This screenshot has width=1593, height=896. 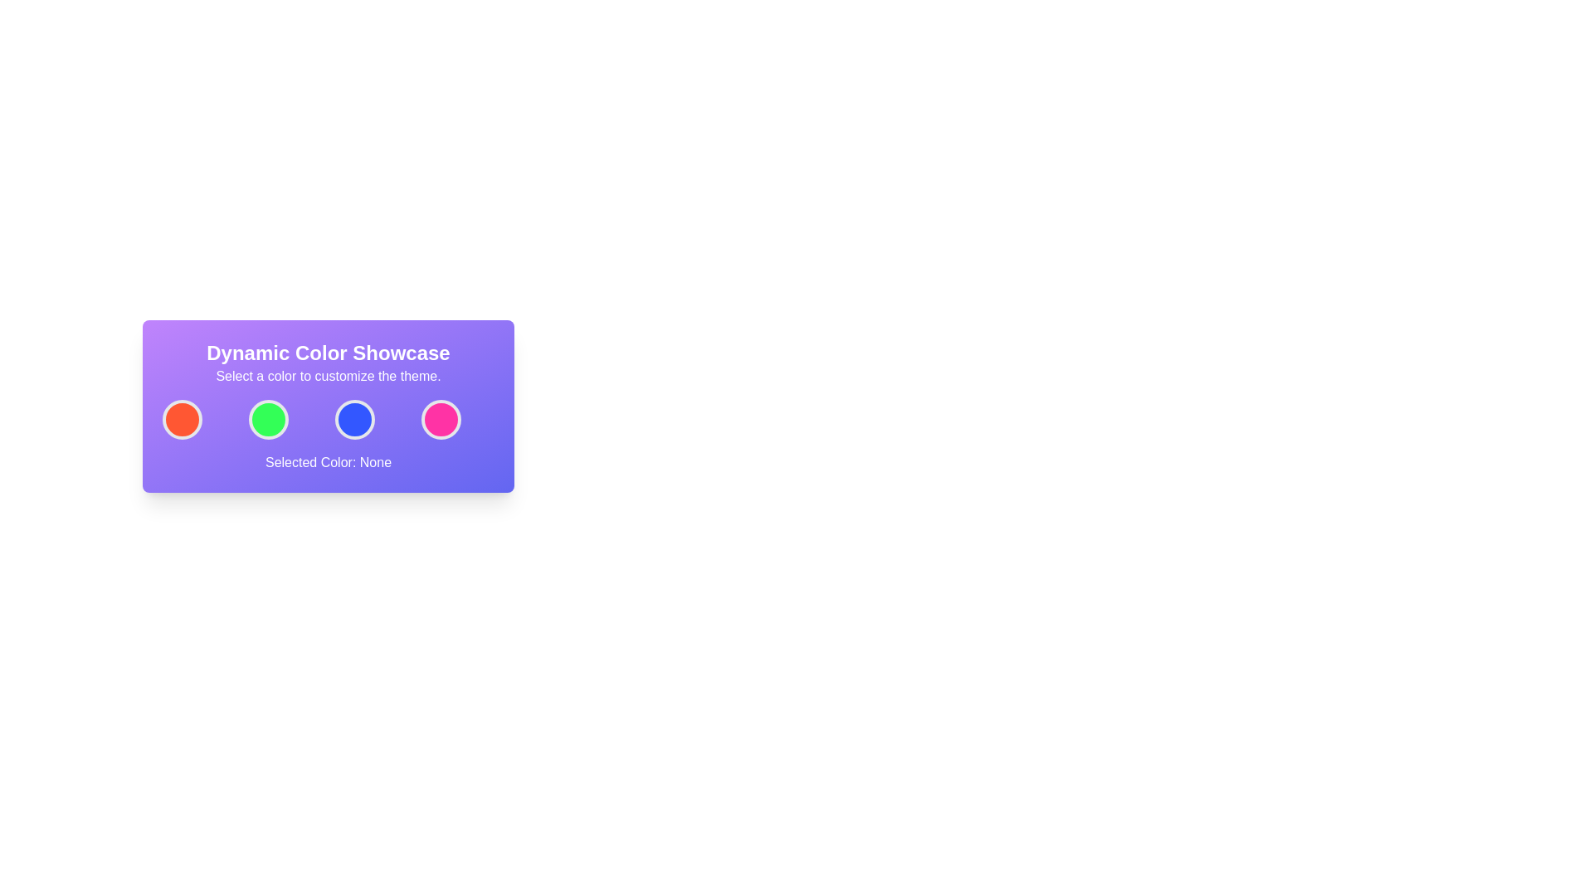 What do you see at coordinates (269, 418) in the screenshot?
I see `the second circular button with a green background and a white border located below the title 'Dynamic Color Showcase'` at bounding box center [269, 418].